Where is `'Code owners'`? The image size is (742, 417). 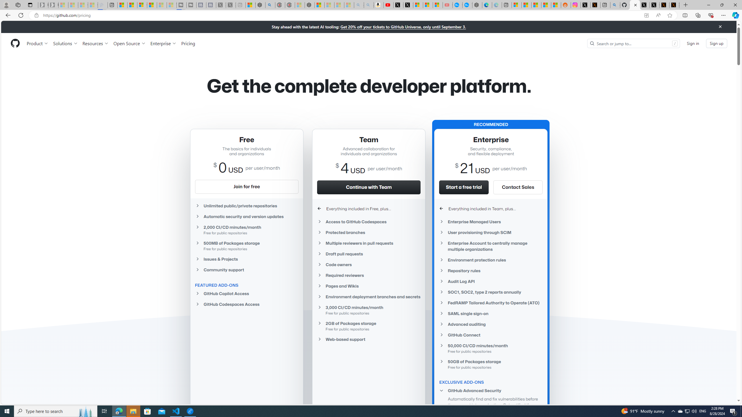 'Code owners' is located at coordinates (368, 264).